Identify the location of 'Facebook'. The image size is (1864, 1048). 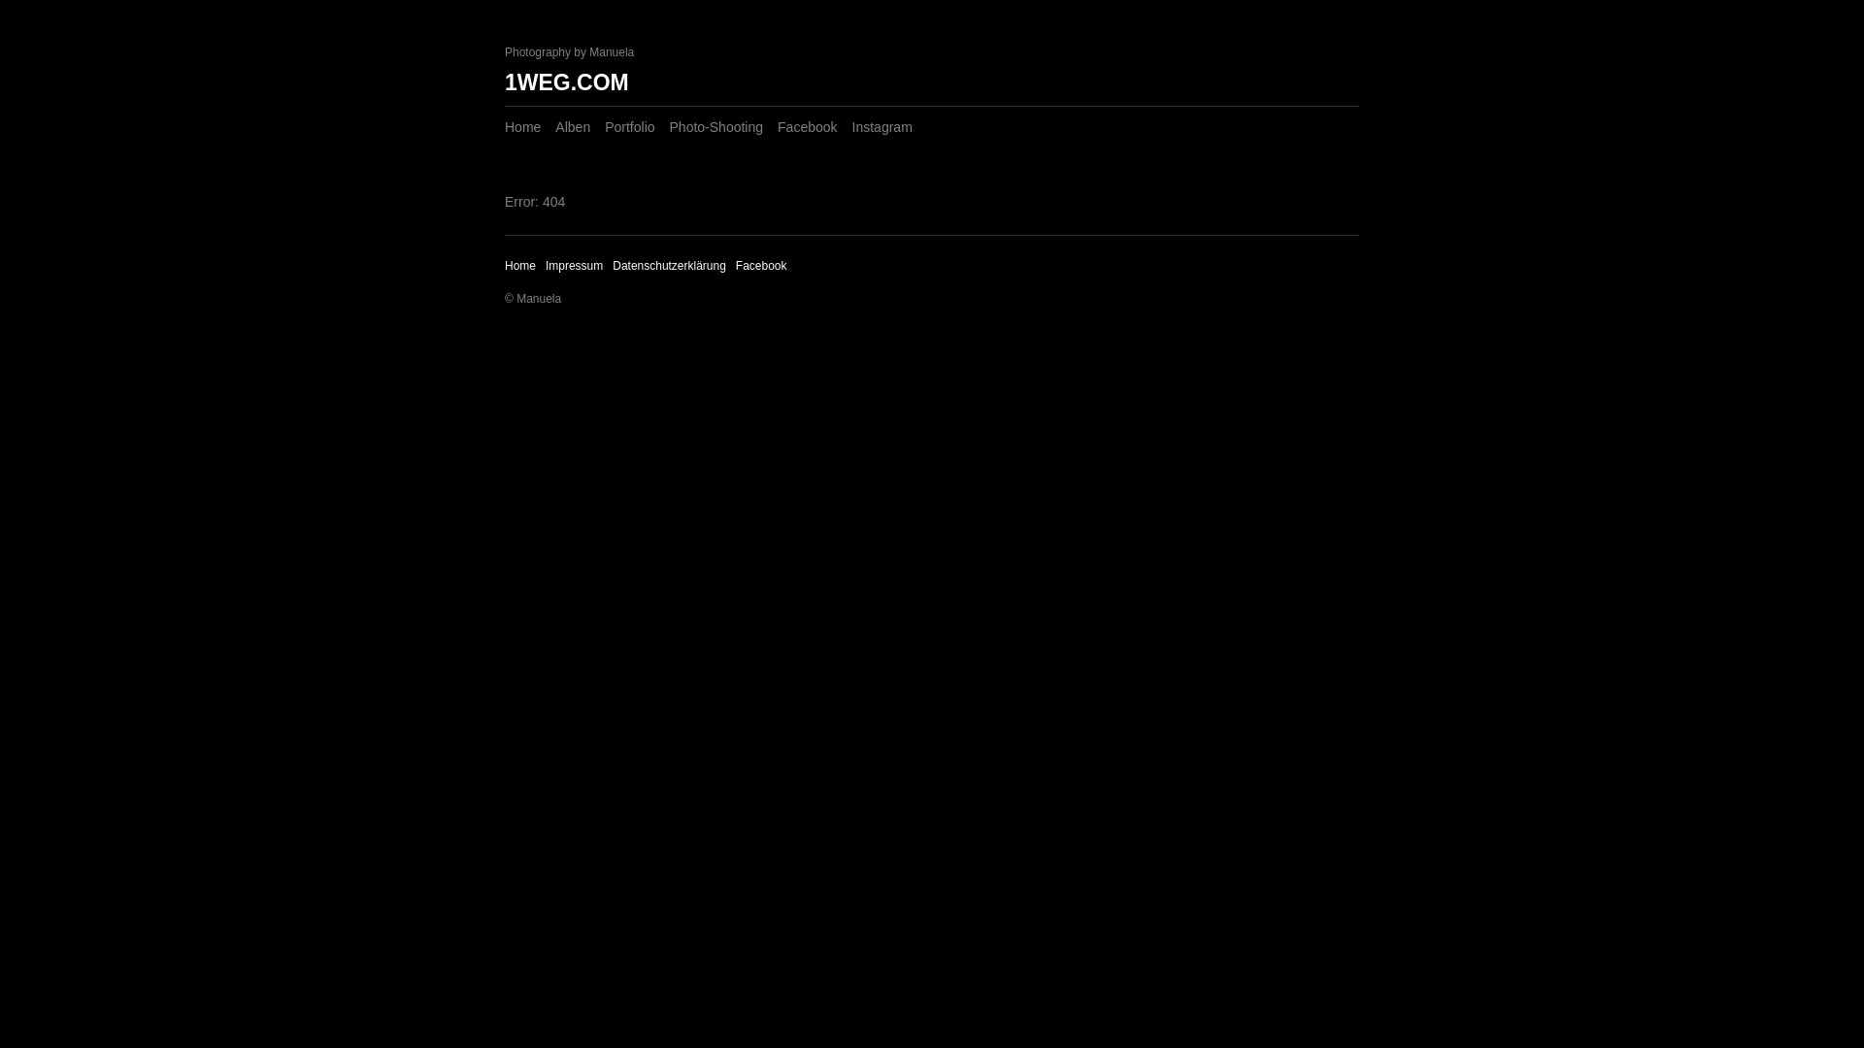
(778, 127).